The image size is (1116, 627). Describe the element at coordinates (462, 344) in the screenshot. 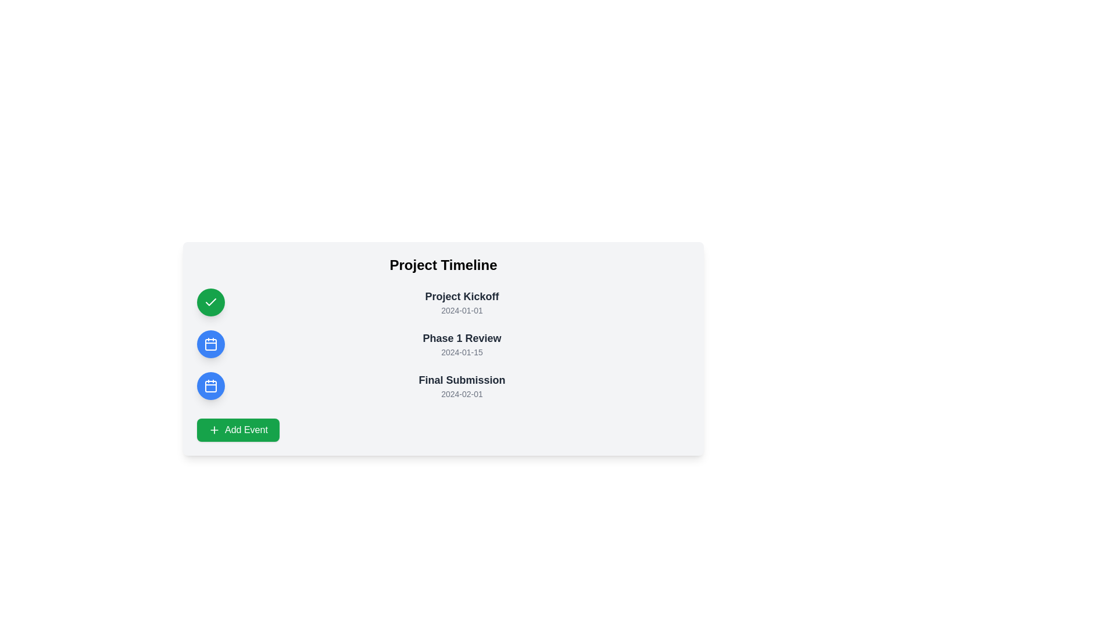

I see `the Descriptive Text Block containing the bold title 'Phase 1 Review' and the timestamp '2024-01-15' in the 'Project Timeline' section` at that location.